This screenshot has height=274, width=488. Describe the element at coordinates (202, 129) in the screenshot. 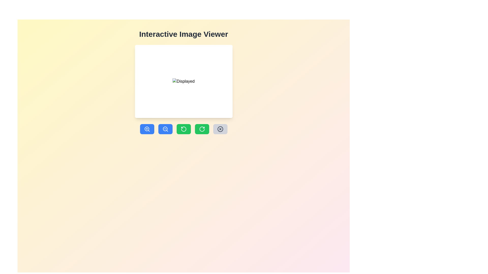

I see `the fourth button in a horizontal row of control buttons that triggers a clockwise rotation or reset action` at that location.